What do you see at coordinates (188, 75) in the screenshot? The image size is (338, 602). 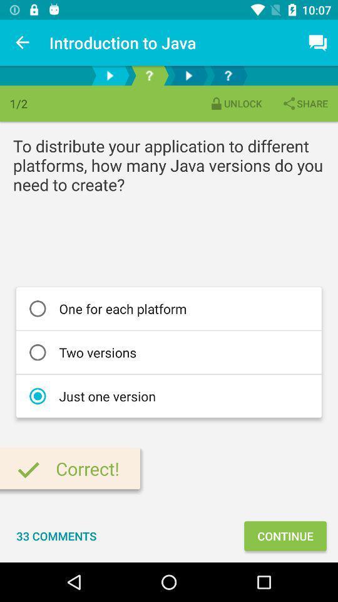 I see `next` at bounding box center [188, 75].